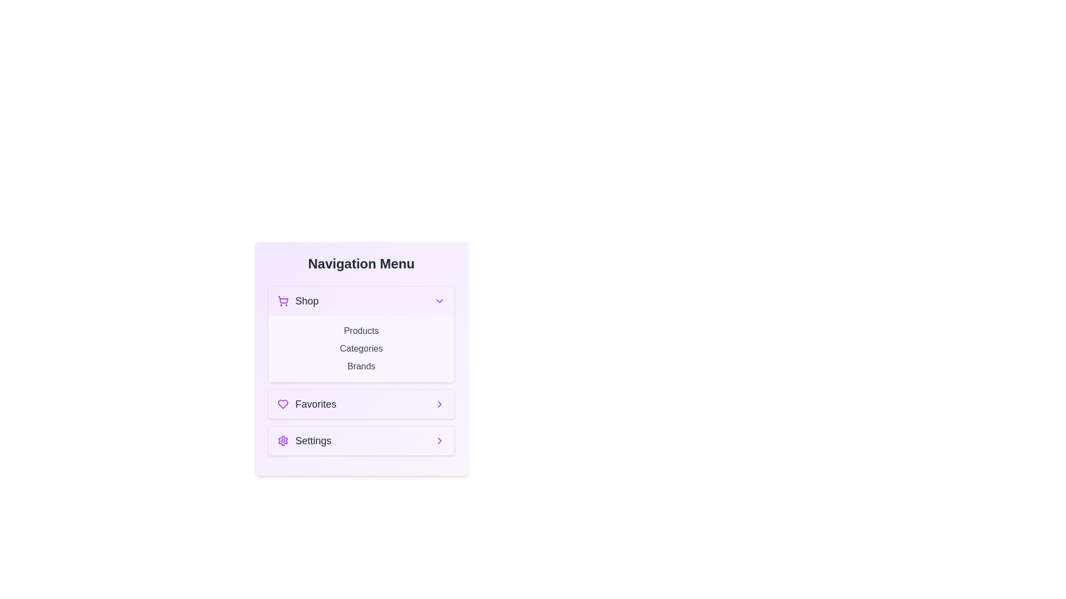  What do you see at coordinates (283, 440) in the screenshot?
I see `the settings icon located to the left of the 'Settings' label in the navigation menu` at bounding box center [283, 440].